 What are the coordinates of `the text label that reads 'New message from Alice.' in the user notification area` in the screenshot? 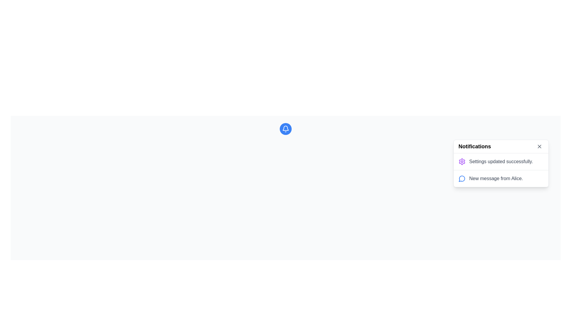 It's located at (496, 178).